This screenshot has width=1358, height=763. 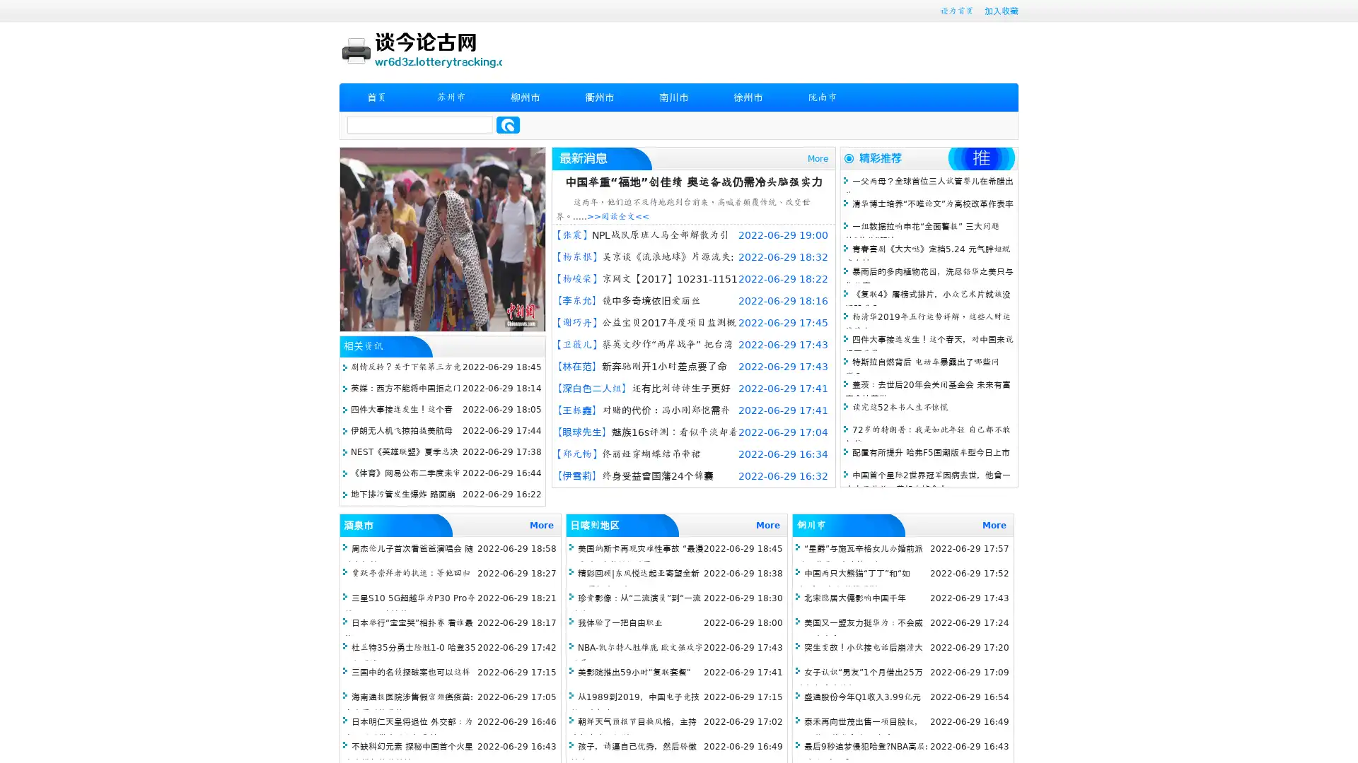 What do you see at coordinates (508, 124) in the screenshot?
I see `Search` at bounding box center [508, 124].